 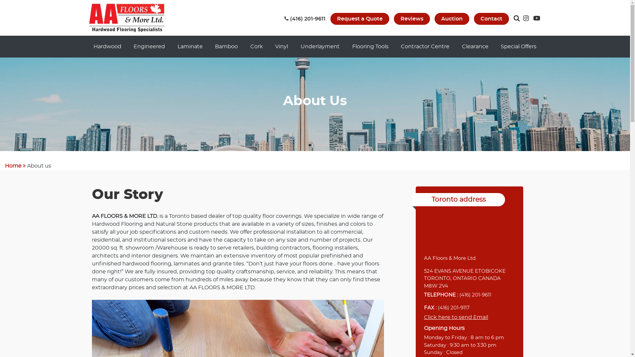 What do you see at coordinates (304, 19) in the screenshot?
I see `' (416) 201-9611'` at bounding box center [304, 19].